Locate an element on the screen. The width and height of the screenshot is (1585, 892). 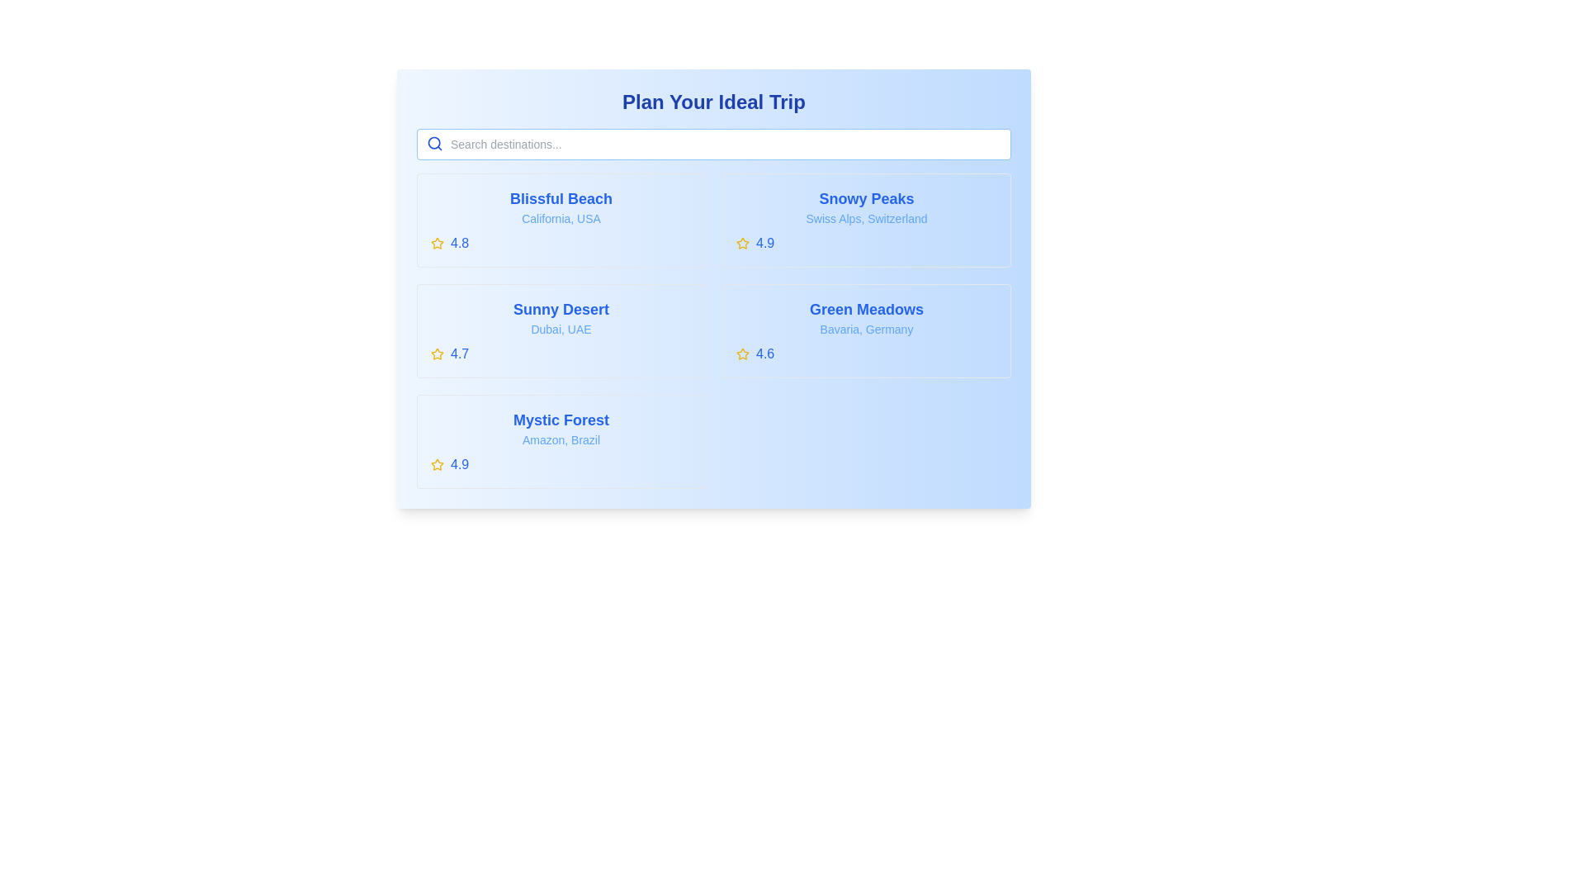
the fifth interactive card is located at coordinates (561, 441).